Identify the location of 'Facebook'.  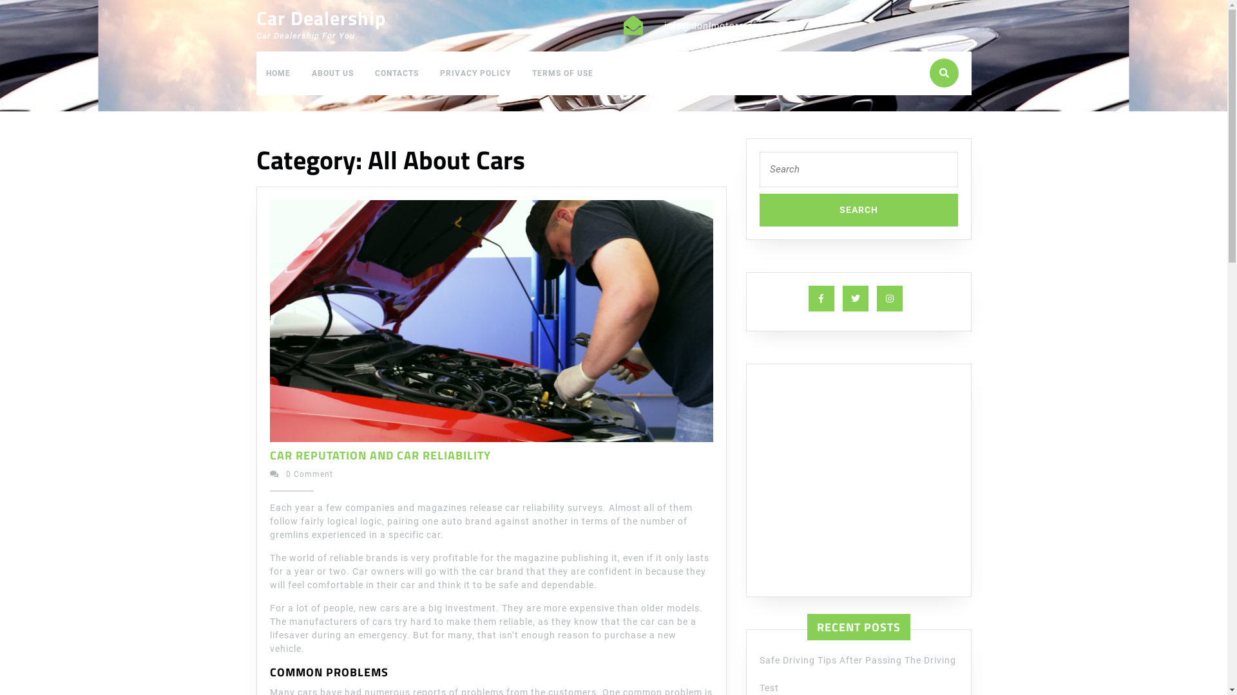
(823, 298).